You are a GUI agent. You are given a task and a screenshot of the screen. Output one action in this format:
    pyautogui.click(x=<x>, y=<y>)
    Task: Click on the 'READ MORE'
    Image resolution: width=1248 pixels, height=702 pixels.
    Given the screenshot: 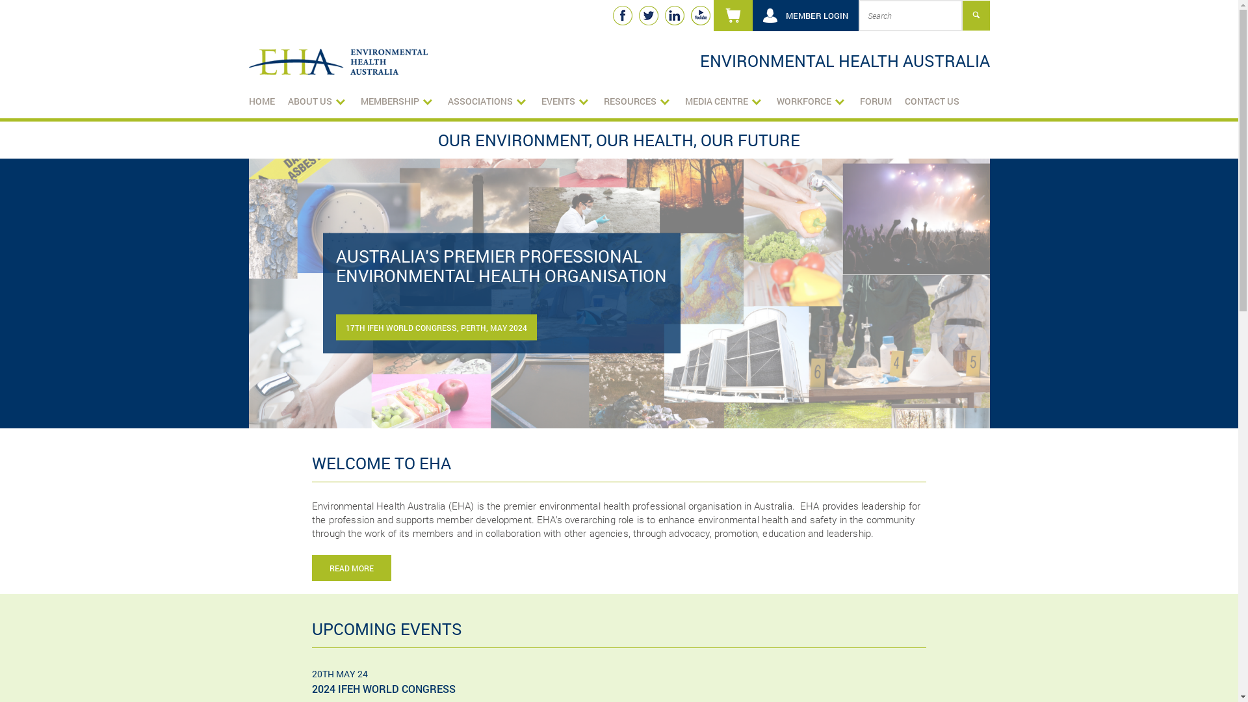 What is the action you would take?
    pyautogui.click(x=352, y=567)
    